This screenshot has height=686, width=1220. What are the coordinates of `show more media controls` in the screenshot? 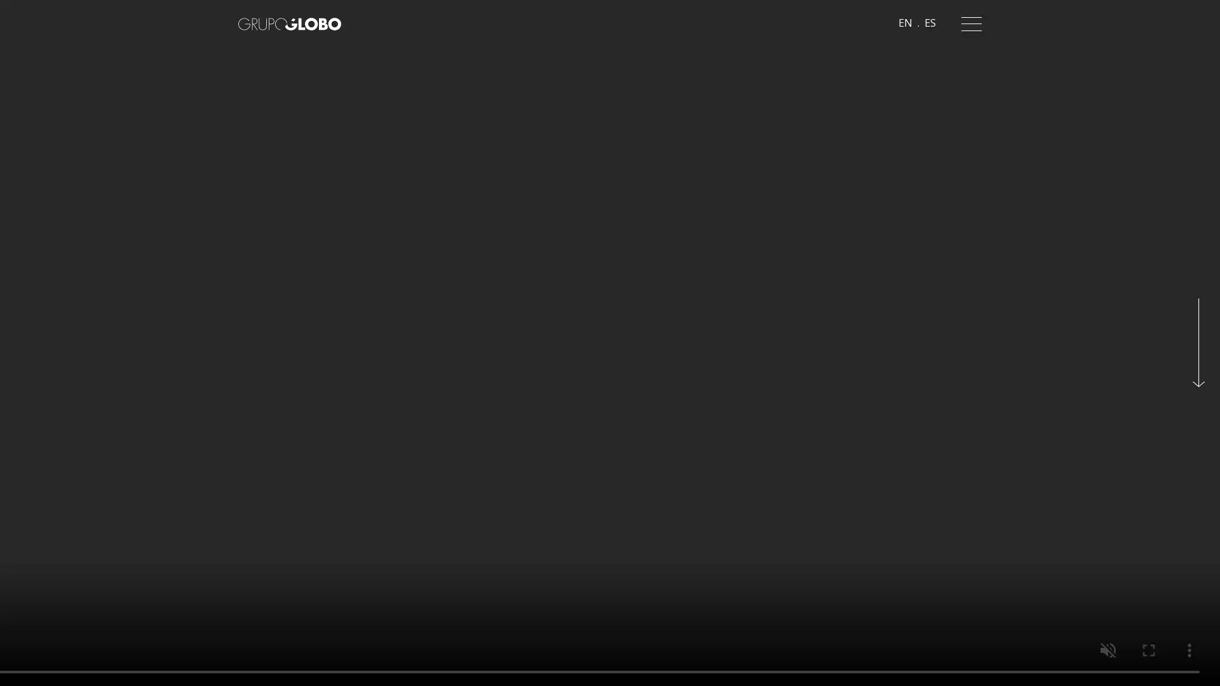 It's located at (1189, 650).